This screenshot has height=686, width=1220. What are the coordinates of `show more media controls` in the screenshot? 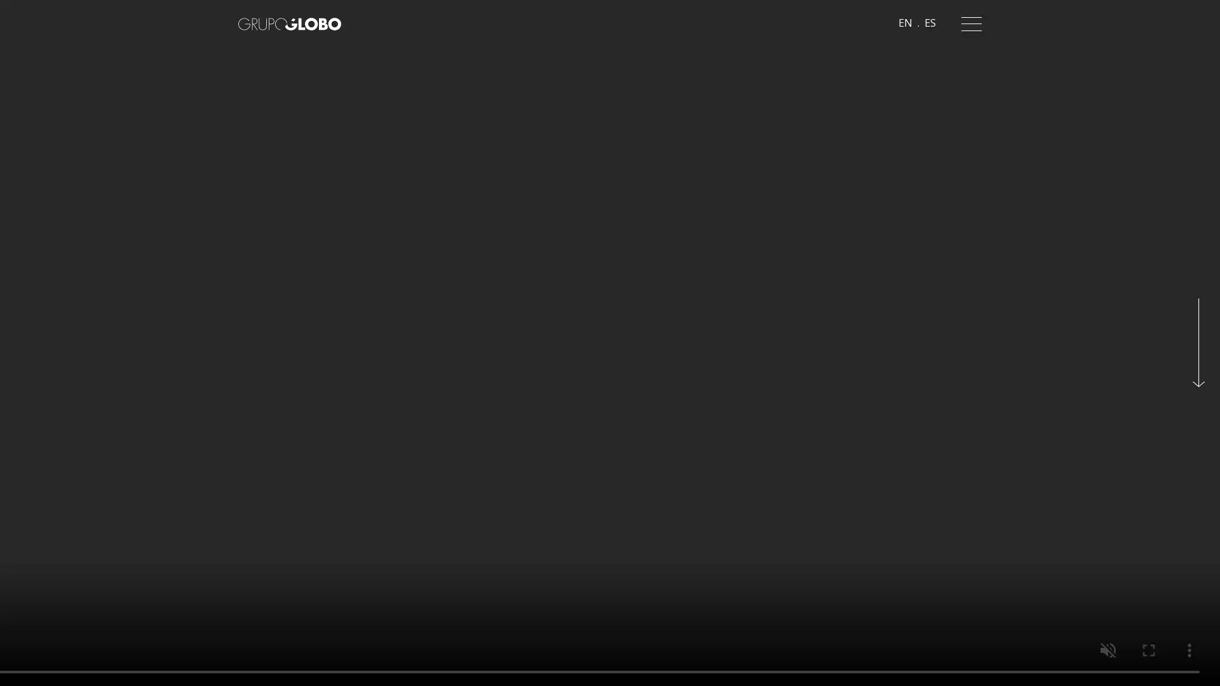 It's located at (1189, 650).